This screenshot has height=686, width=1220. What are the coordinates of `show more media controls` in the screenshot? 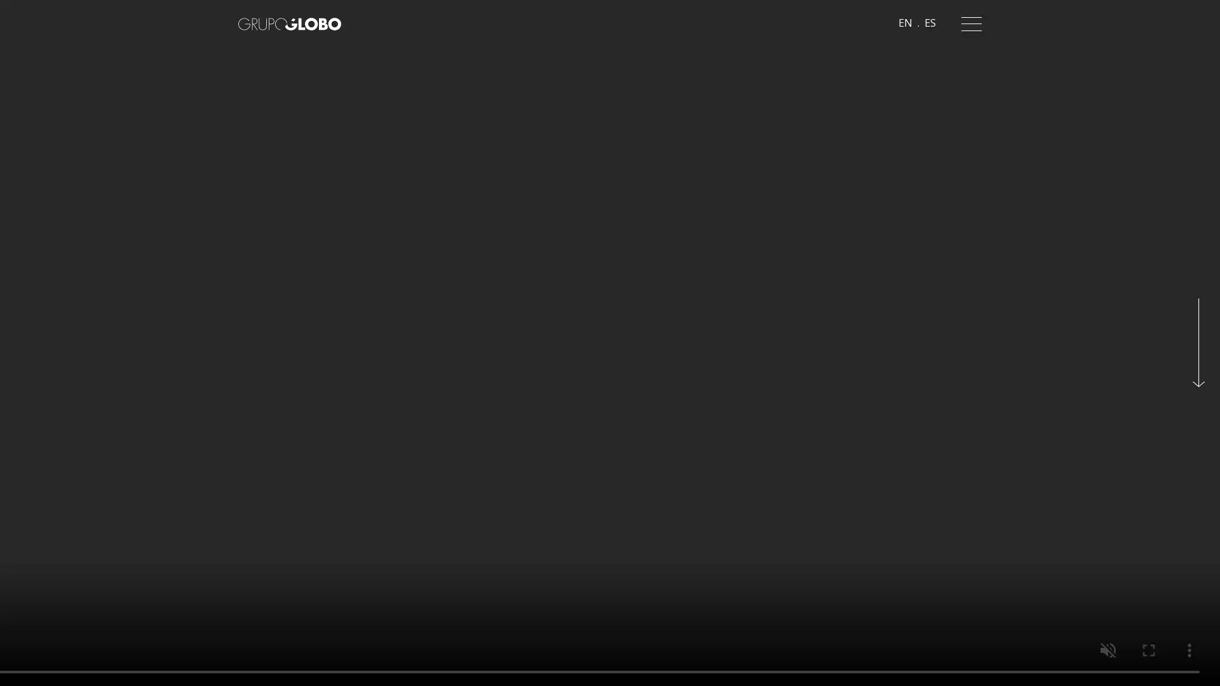 It's located at (1189, 650).